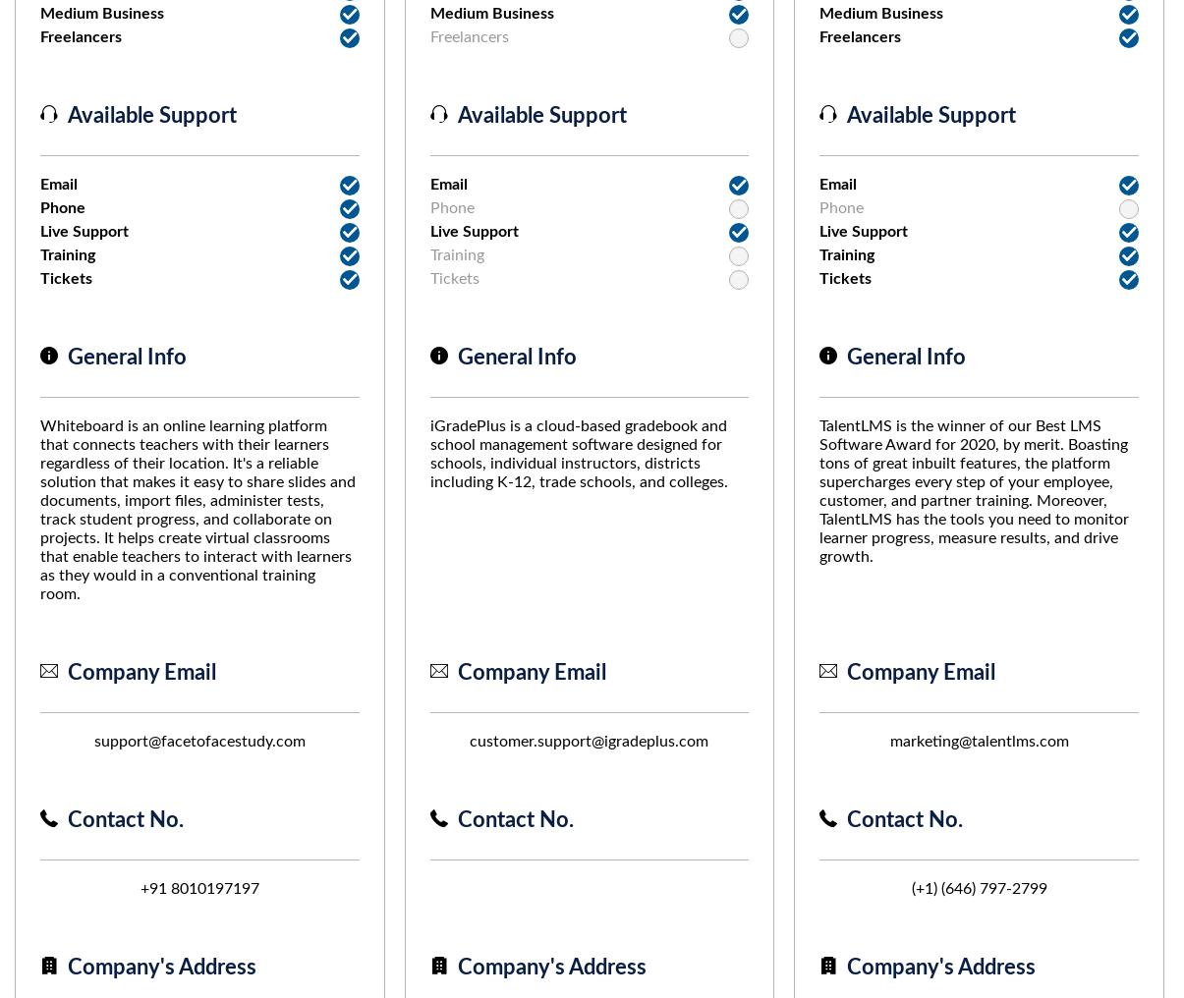 The width and height of the screenshot is (1184, 998). I want to click on 'marketing@talentlms.com', so click(979, 741).